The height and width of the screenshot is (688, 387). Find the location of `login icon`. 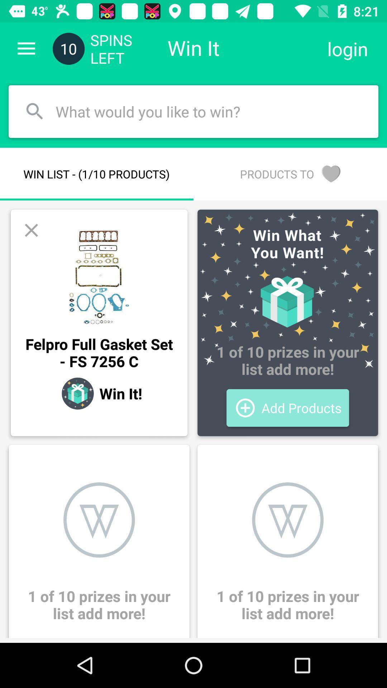

login icon is located at coordinates (347, 48).